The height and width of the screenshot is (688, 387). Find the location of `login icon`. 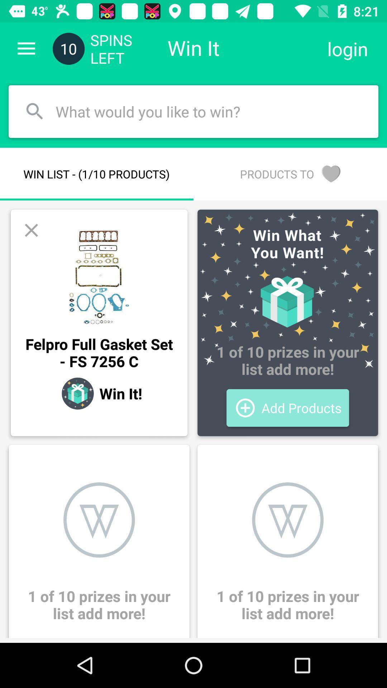

login icon is located at coordinates (347, 48).